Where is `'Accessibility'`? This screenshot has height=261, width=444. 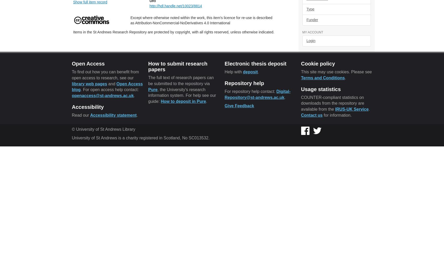 'Accessibility' is located at coordinates (87, 107).